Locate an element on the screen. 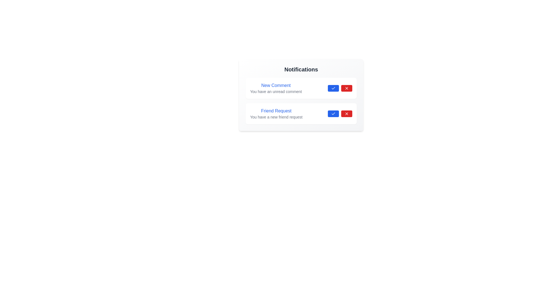 The height and width of the screenshot is (299, 533). the small red button with a white 'x' icon, which is the second red button in the list of notifications is located at coordinates (346, 114).